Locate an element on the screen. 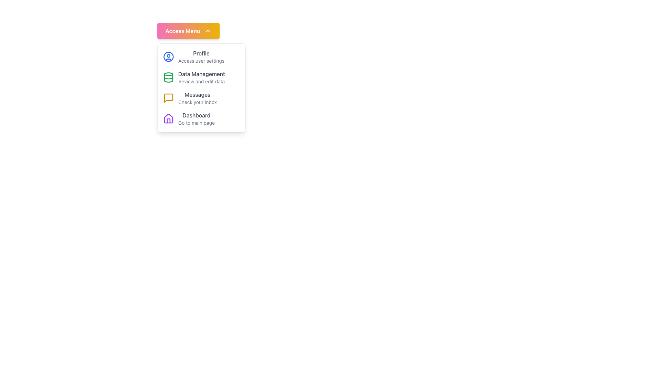 This screenshot has width=662, height=372. the 'Data Management' text label located in the dropdown menu under the 'Access Menu' button, which is styled with bold text and includes a smaller gray font description below it is located at coordinates (201, 77).